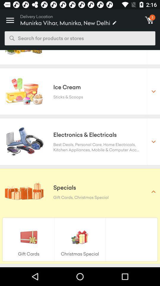 The height and width of the screenshot is (286, 160). I want to click on icon to the left of delivery location, so click(10, 18).